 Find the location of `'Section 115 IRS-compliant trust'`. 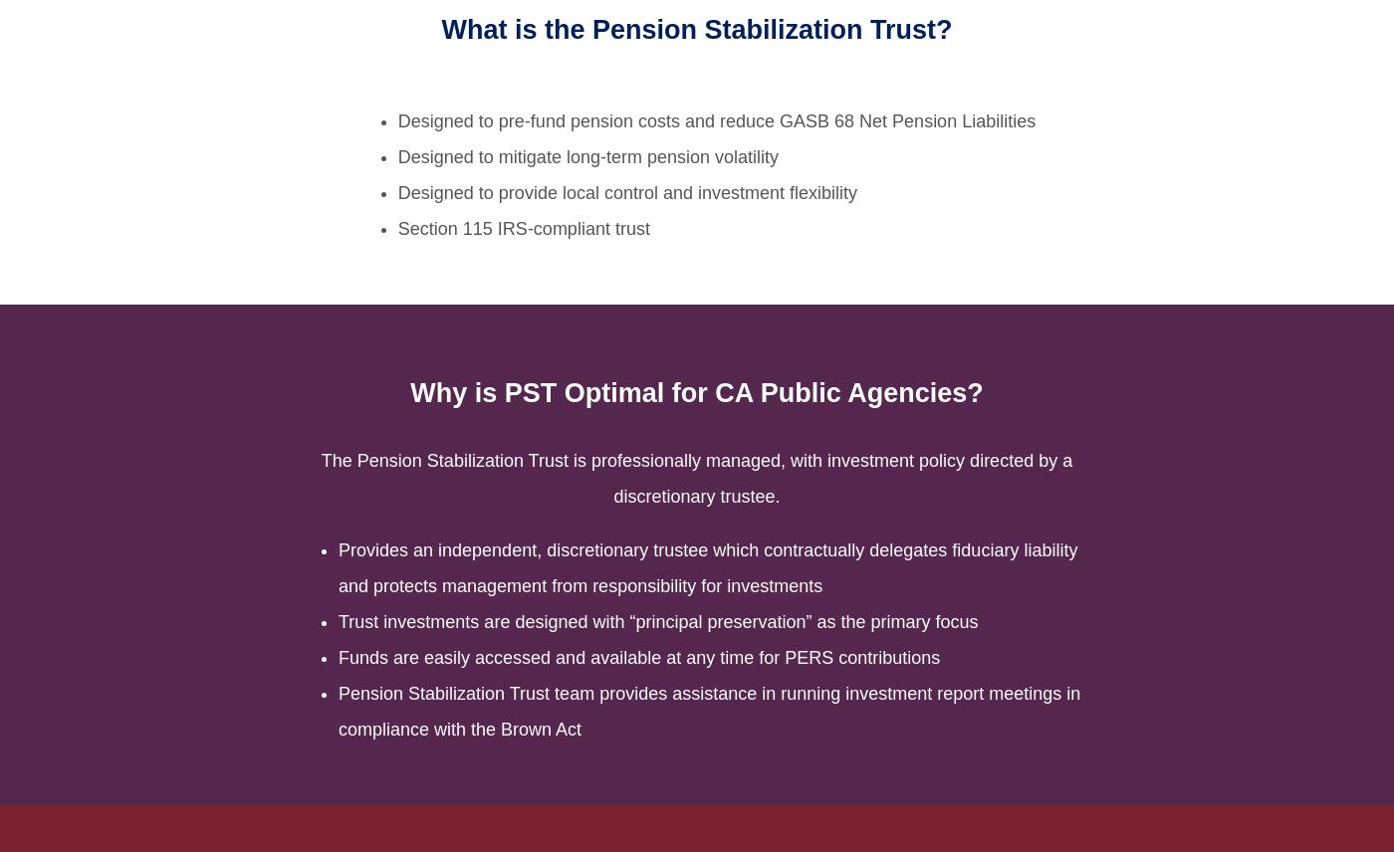

'Section 115 IRS-compliant trust' is located at coordinates (523, 227).